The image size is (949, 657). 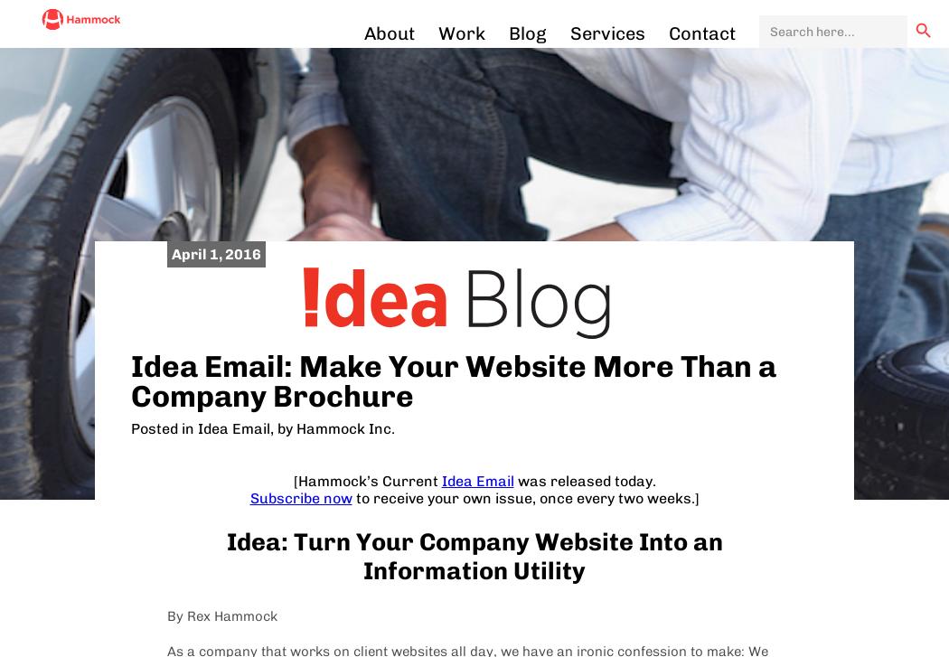 What do you see at coordinates (300, 497) in the screenshot?
I see `'Subscribe now'` at bounding box center [300, 497].